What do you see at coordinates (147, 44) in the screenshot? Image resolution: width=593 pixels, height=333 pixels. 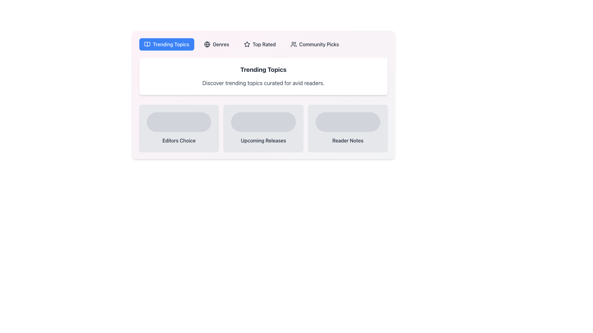 I see `the 'Trending Topics' icon located at the leftmost of the blue highlighted button in the top navigation bar` at bounding box center [147, 44].